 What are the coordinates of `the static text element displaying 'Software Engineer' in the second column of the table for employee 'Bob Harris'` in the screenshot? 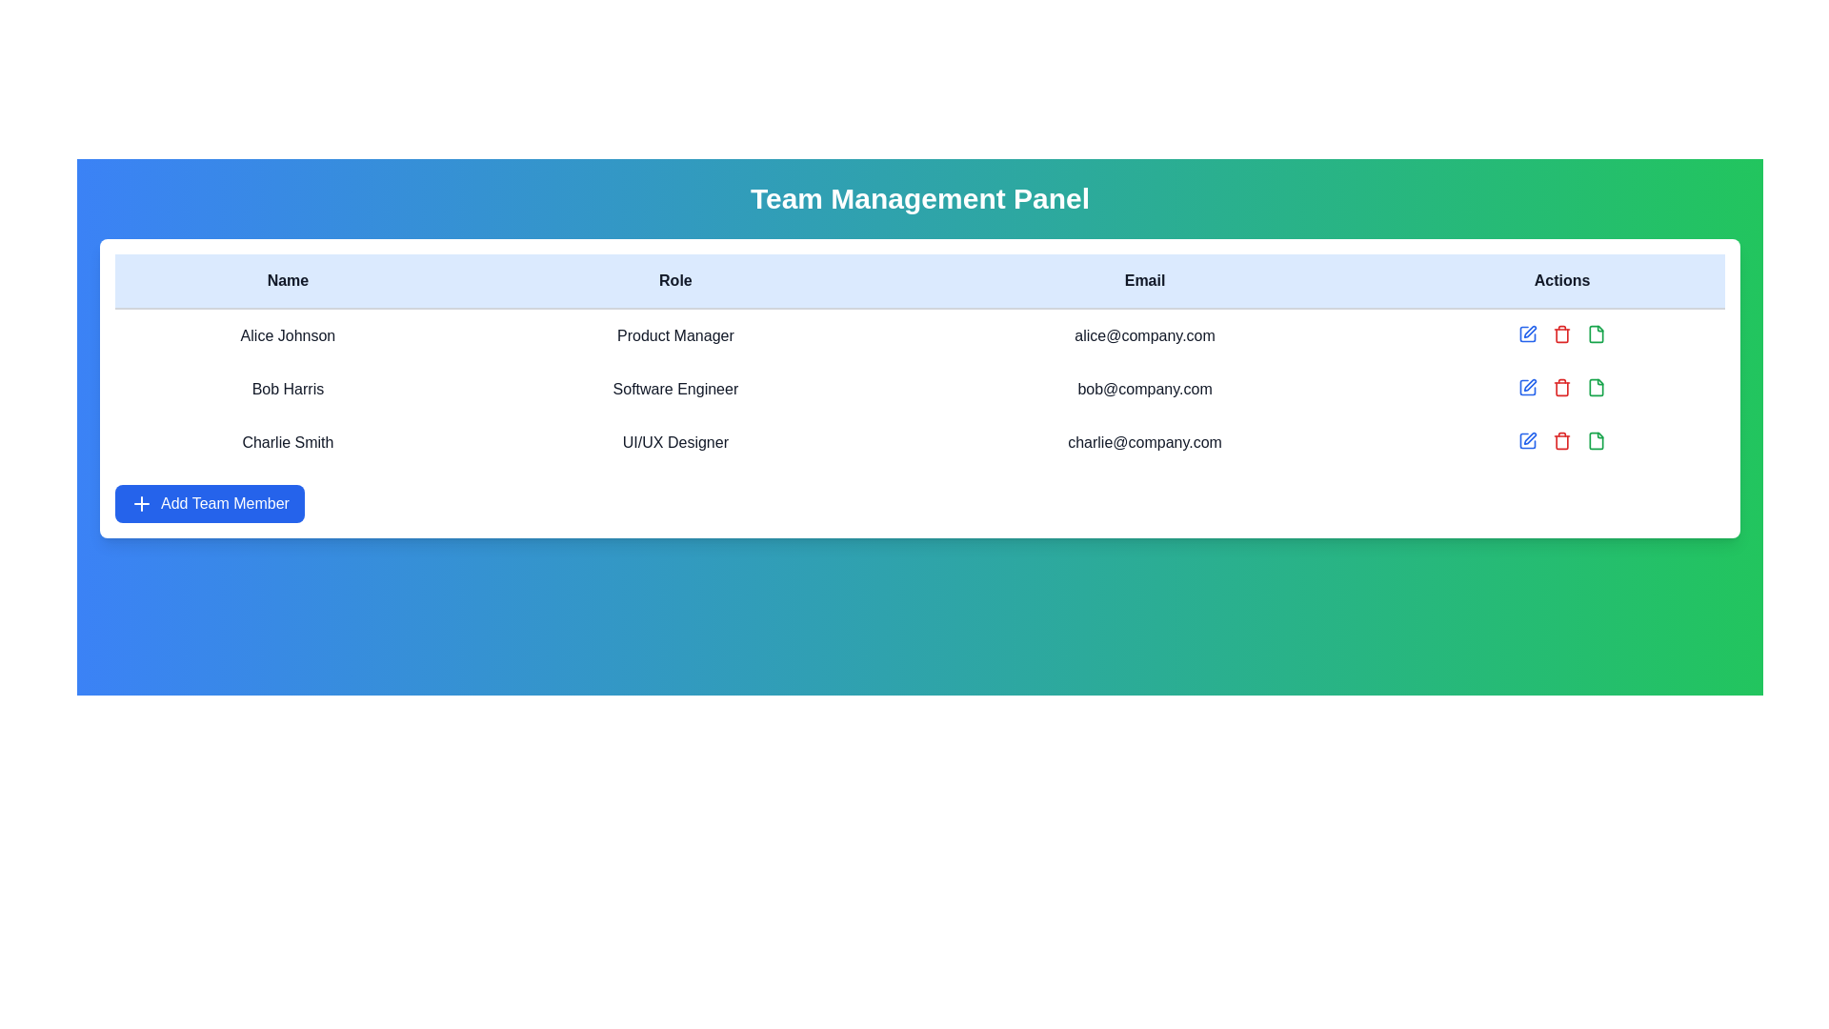 It's located at (675, 388).